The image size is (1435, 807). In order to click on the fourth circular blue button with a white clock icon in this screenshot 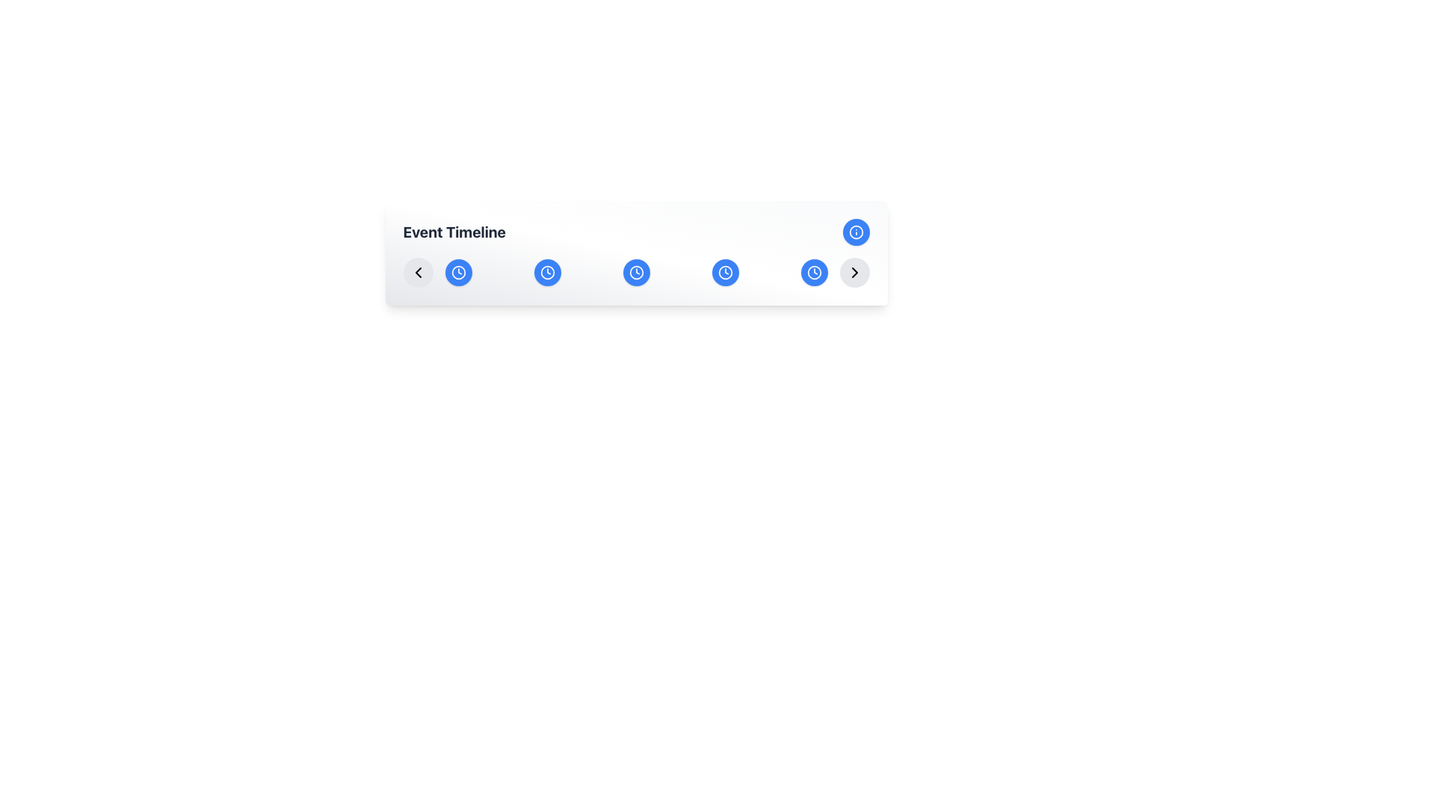, I will do `click(725, 273)`.